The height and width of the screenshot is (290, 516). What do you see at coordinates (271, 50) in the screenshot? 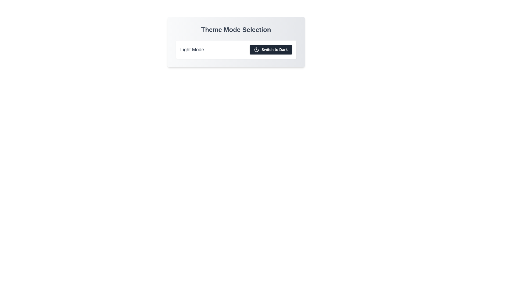
I see `the button labeled 'Switch to Dark' to toggle the theme mode` at bounding box center [271, 50].